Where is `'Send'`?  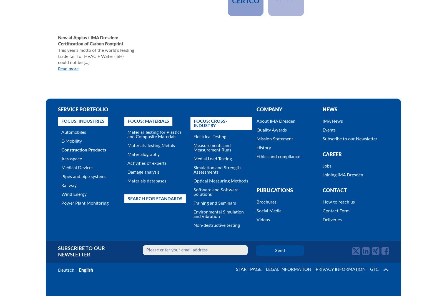 'Send' is located at coordinates (279, 250).